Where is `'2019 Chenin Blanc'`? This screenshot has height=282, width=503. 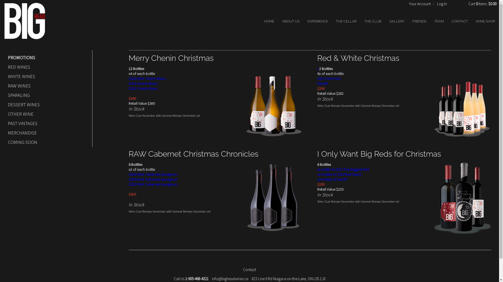 '2019 Chenin Blanc' is located at coordinates (128, 83).